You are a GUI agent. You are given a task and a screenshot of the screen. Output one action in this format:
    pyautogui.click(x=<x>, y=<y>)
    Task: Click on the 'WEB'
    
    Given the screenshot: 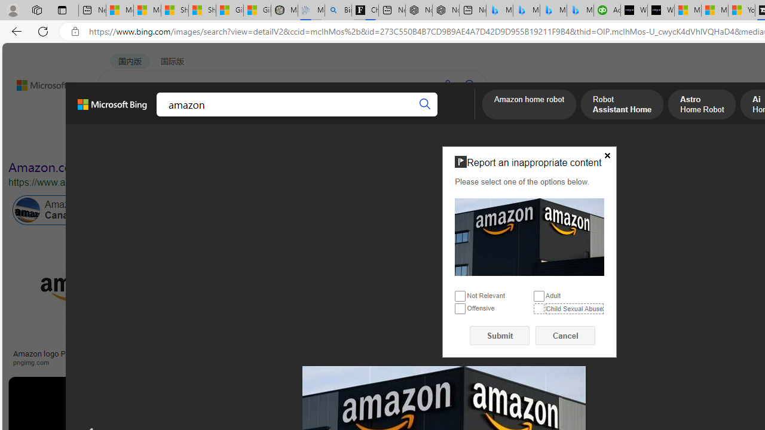 What is the action you would take?
    pyautogui.click(x=120, y=116)
    